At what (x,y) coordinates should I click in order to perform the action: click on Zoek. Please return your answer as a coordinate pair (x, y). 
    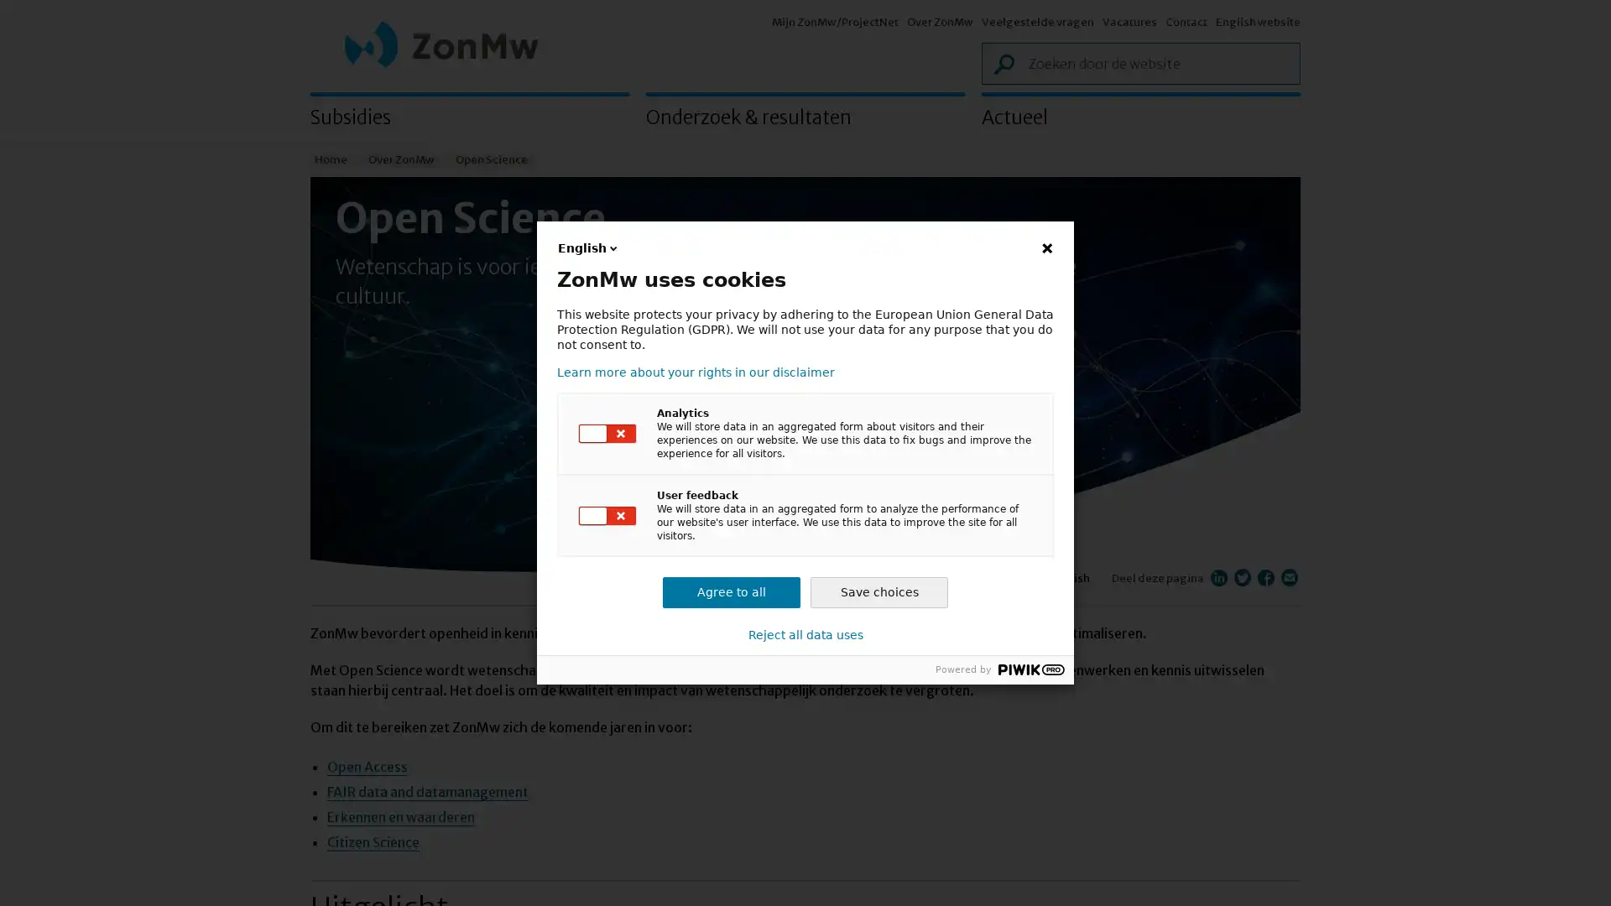
    Looking at the image, I should click on (1289, 63).